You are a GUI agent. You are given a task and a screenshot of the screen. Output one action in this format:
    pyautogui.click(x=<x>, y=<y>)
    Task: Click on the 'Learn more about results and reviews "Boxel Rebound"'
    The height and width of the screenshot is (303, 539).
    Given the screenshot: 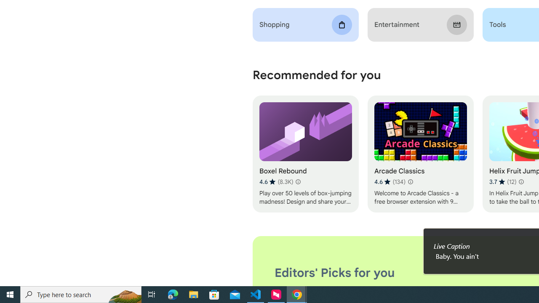 What is the action you would take?
    pyautogui.click(x=298, y=181)
    